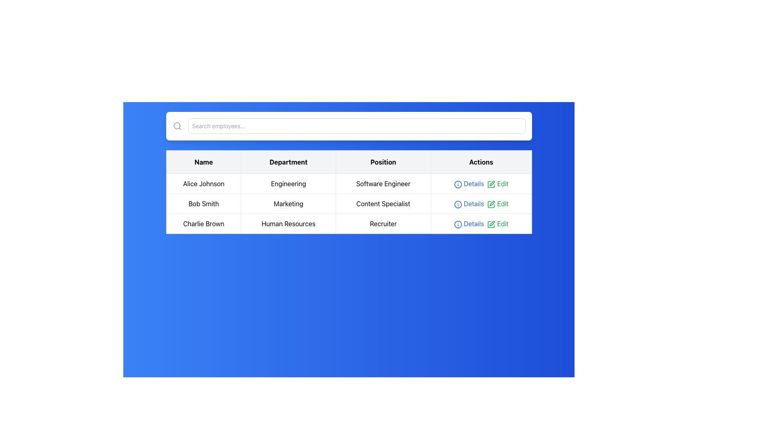 Image resolution: width=784 pixels, height=441 pixels. I want to click on the Text Display element that indicates the name of an individual in the first row of the employee details table, so click(204, 184).